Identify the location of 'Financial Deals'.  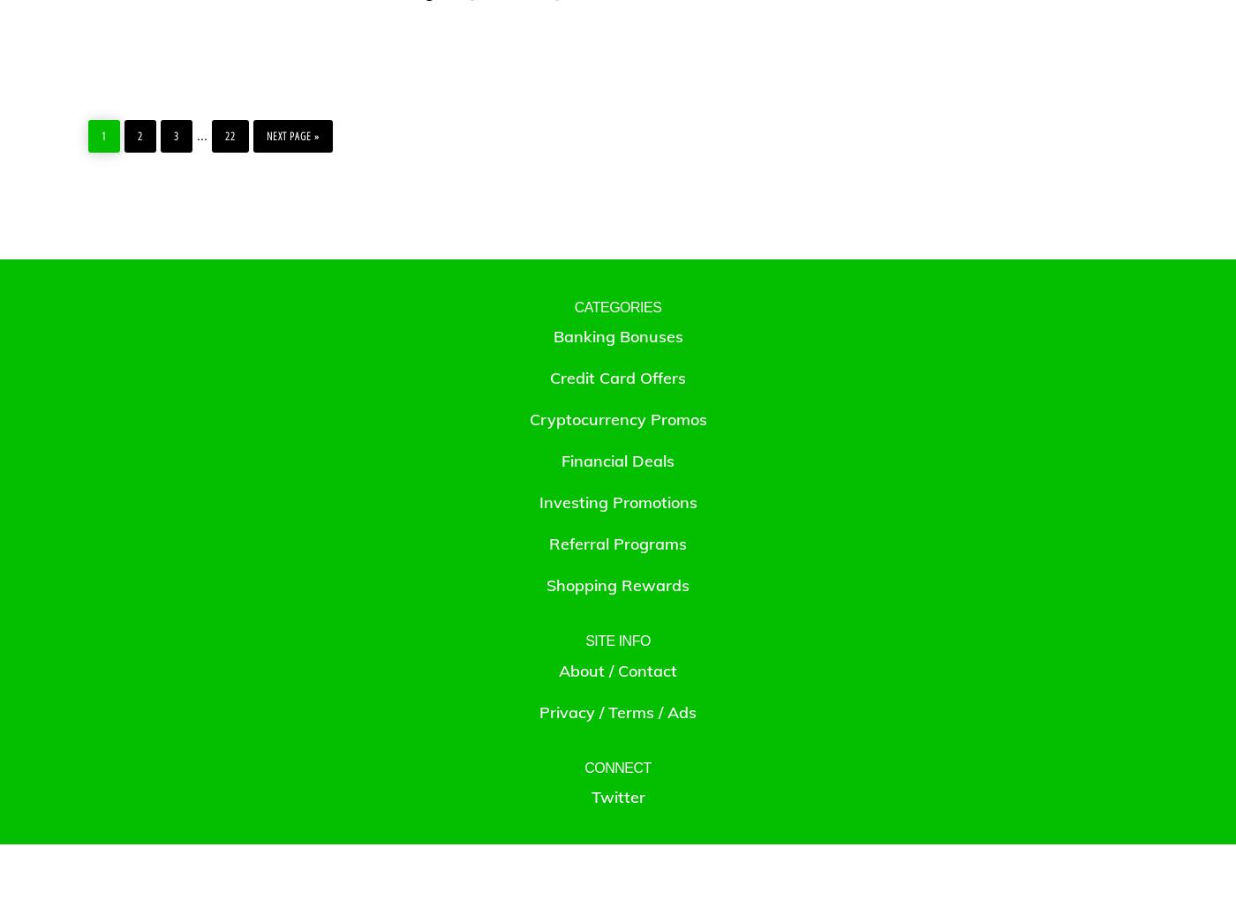
(618, 460).